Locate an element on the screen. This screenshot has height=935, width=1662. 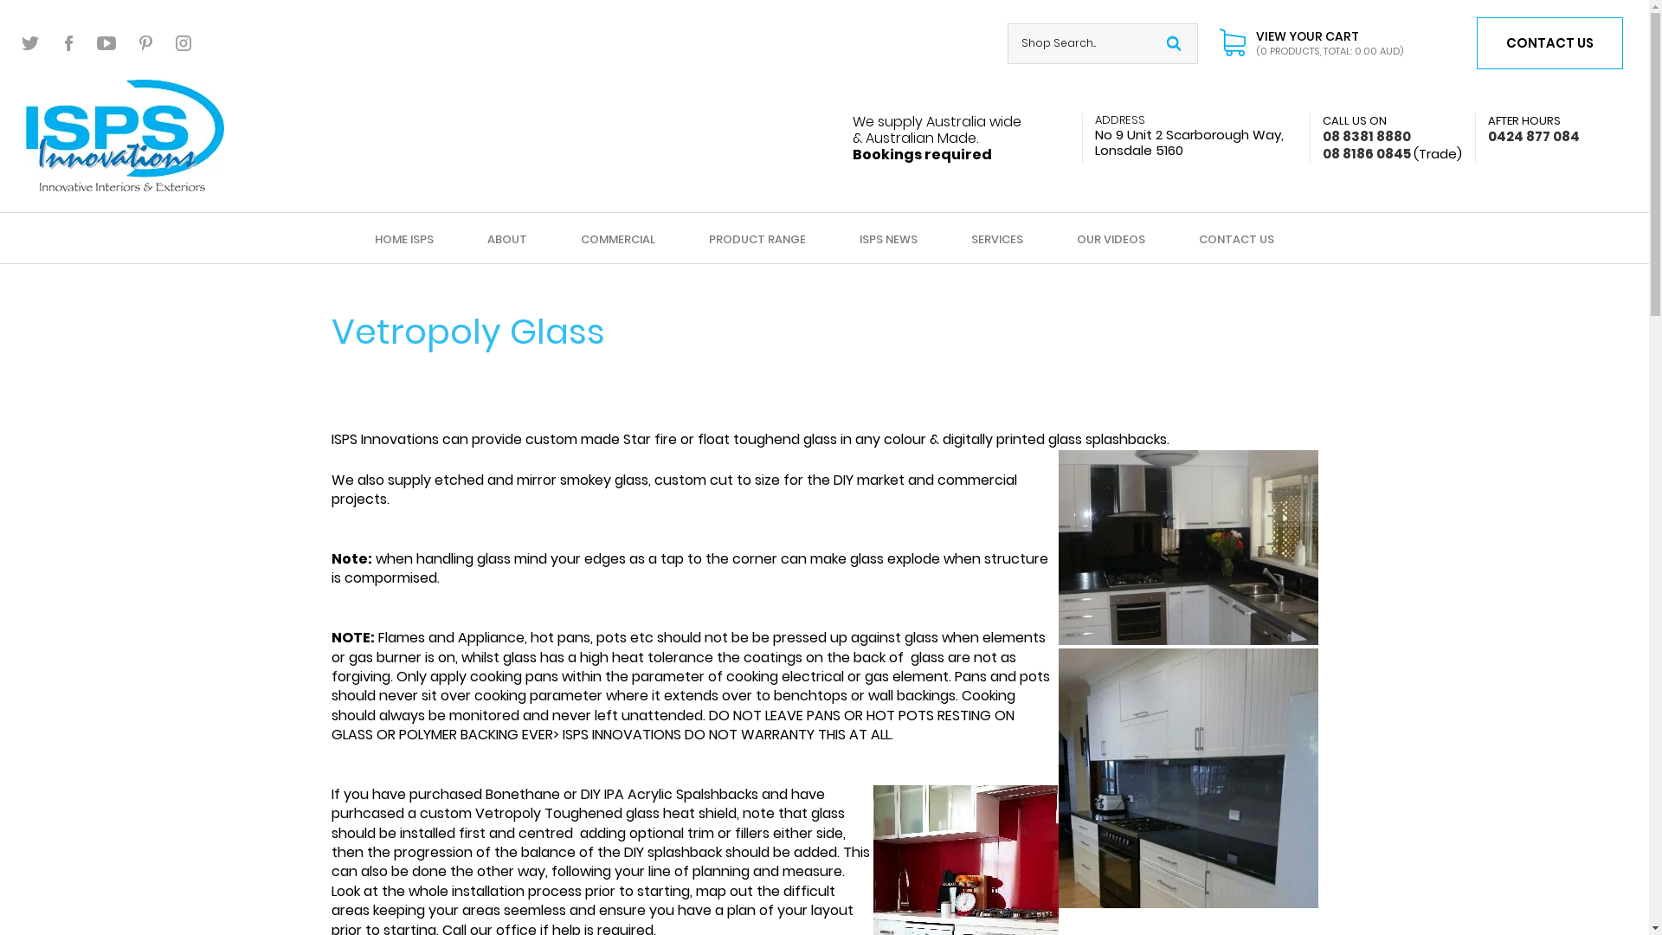
'CONTACT US' is located at coordinates (1475, 42).